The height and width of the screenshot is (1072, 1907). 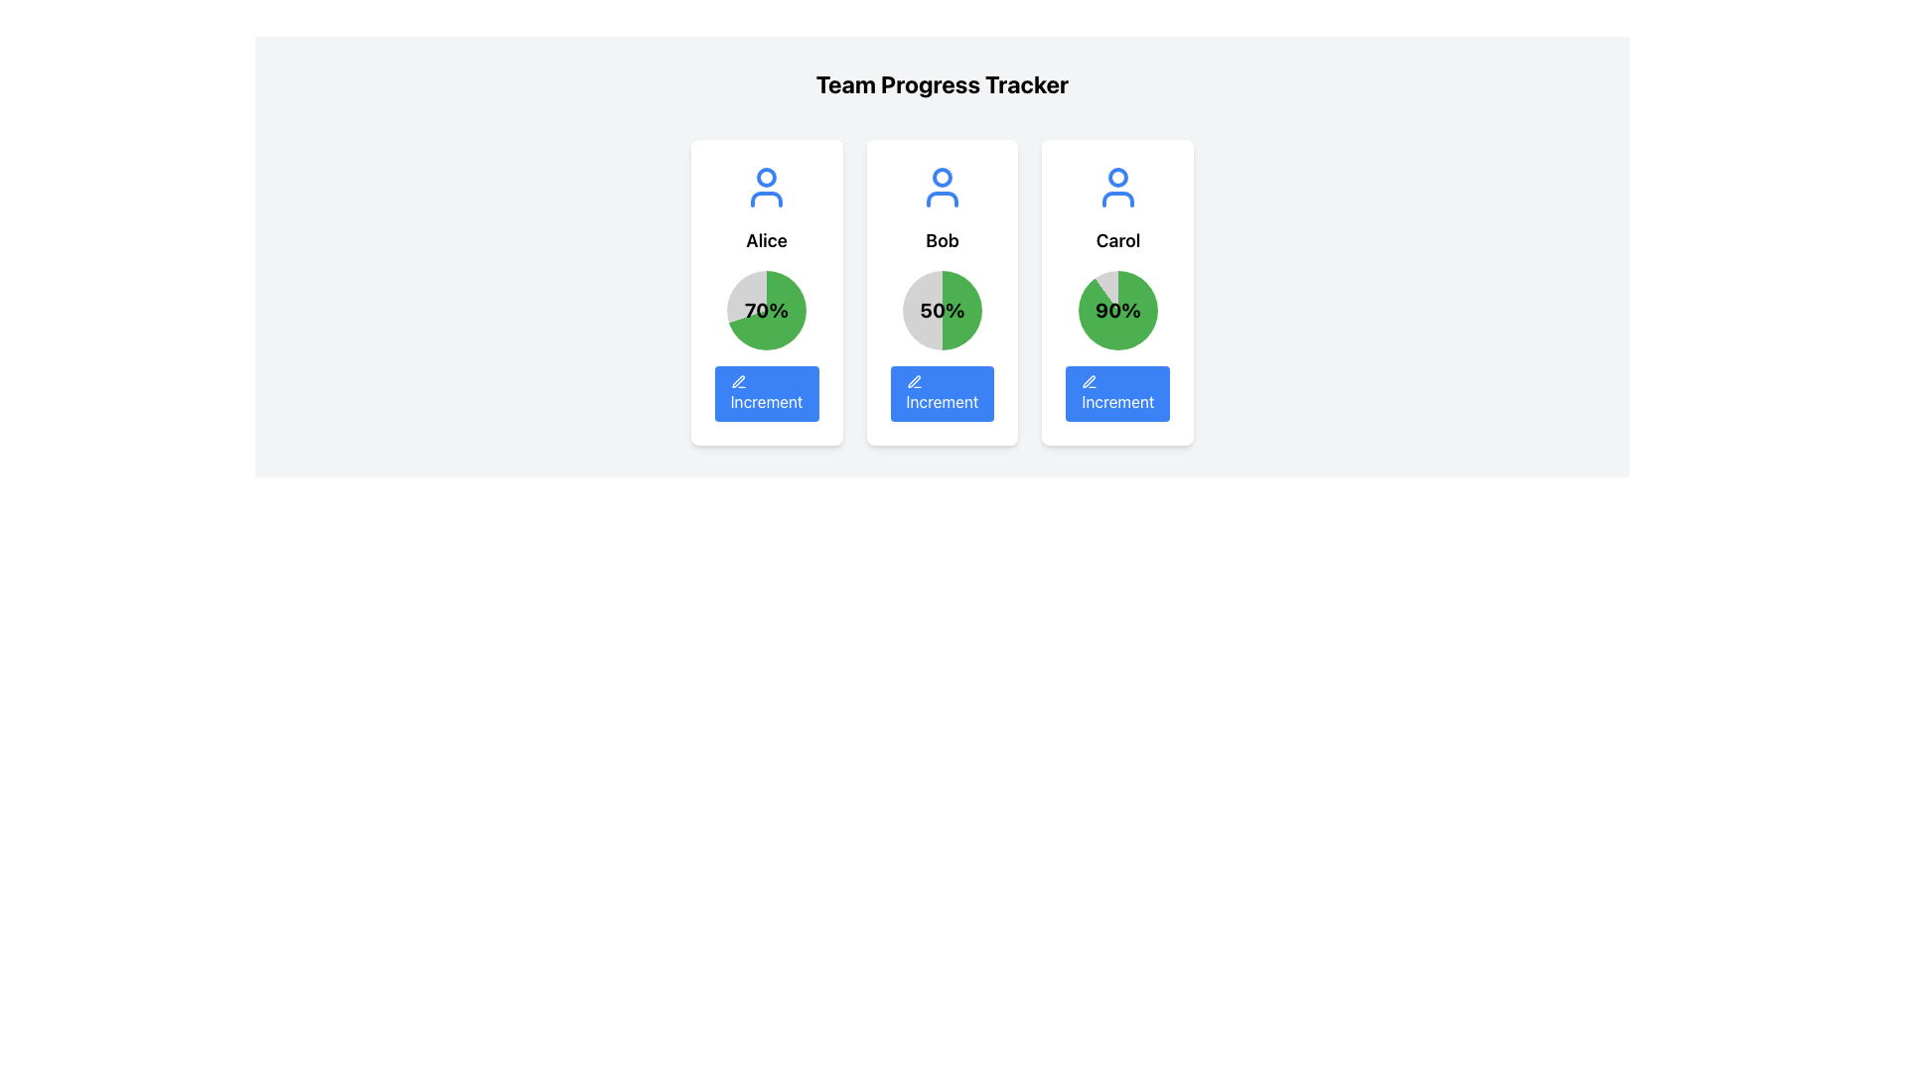 What do you see at coordinates (913, 382) in the screenshot?
I see `the decorative icon representing the 'Increment' action located within the 'Increment' button on the central card labeled 'Bob', positioned towards the left side of the button's text` at bounding box center [913, 382].